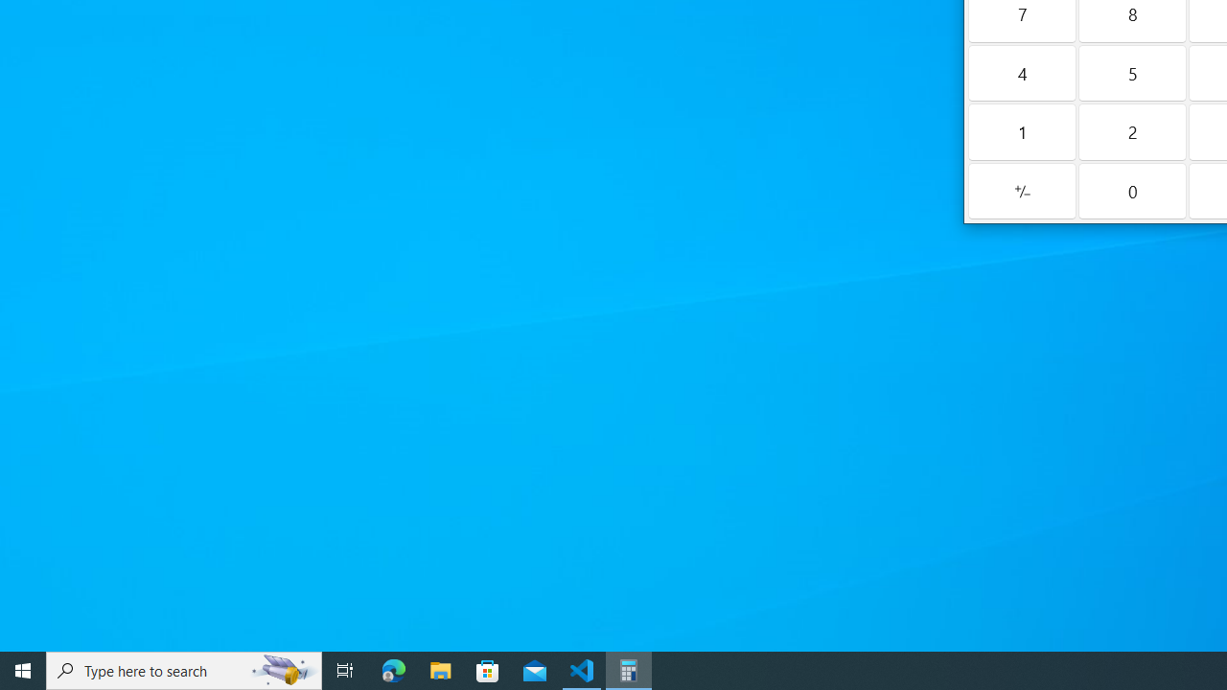  Describe the element at coordinates (629, 669) in the screenshot. I see `'Calculator - 1 running window'` at that location.